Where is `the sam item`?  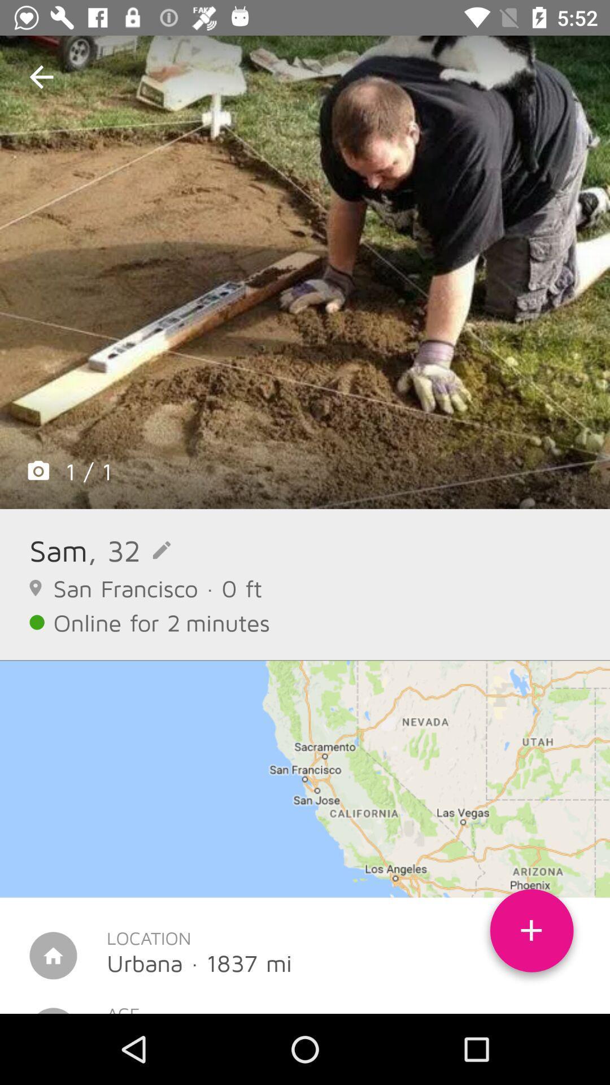
the sam item is located at coordinates (58, 550).